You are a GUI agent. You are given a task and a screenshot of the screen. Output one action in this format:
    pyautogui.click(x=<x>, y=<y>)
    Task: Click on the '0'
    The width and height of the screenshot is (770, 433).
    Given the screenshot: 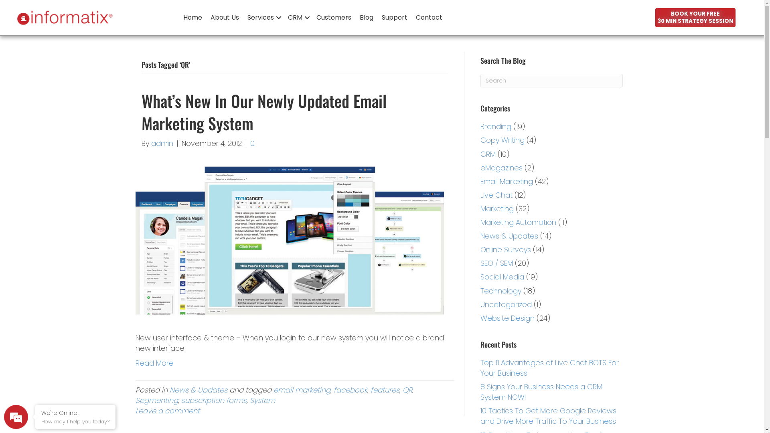 What is the action you would take?
    pyautogui.click(x=252, y=143)
    